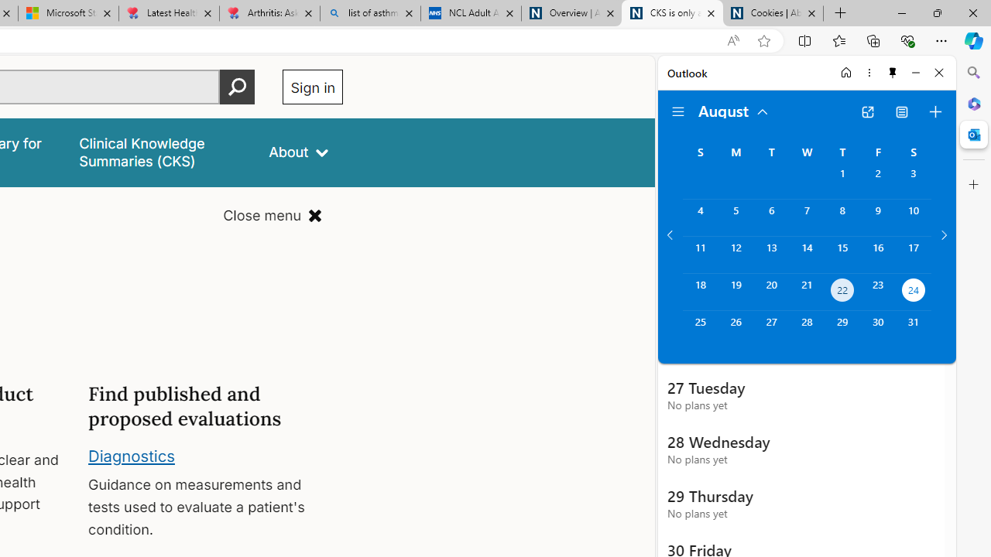 This screenshot has height=557, width=991. I want to click on 'Monday, August 12, 2024. ', so click(735, 254).